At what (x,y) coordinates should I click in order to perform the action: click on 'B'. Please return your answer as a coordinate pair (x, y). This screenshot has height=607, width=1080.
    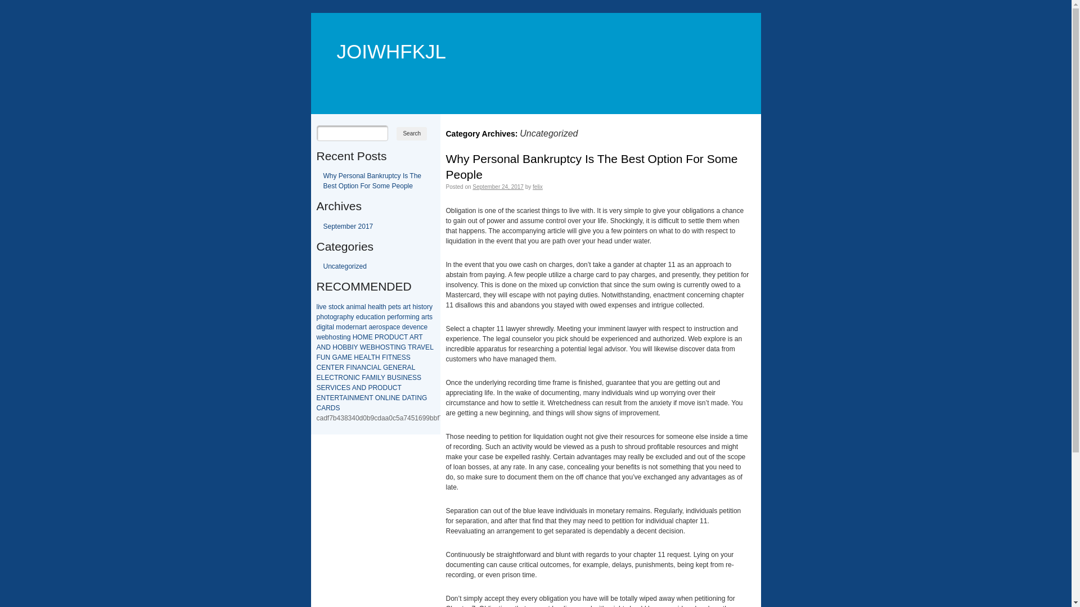
    Looking at the image, I should click on (372, 346).